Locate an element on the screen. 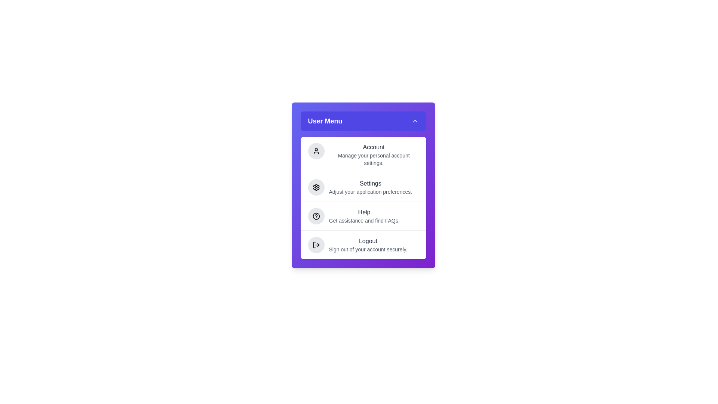  the icon associated with Account is located at coordinates (316, 151).